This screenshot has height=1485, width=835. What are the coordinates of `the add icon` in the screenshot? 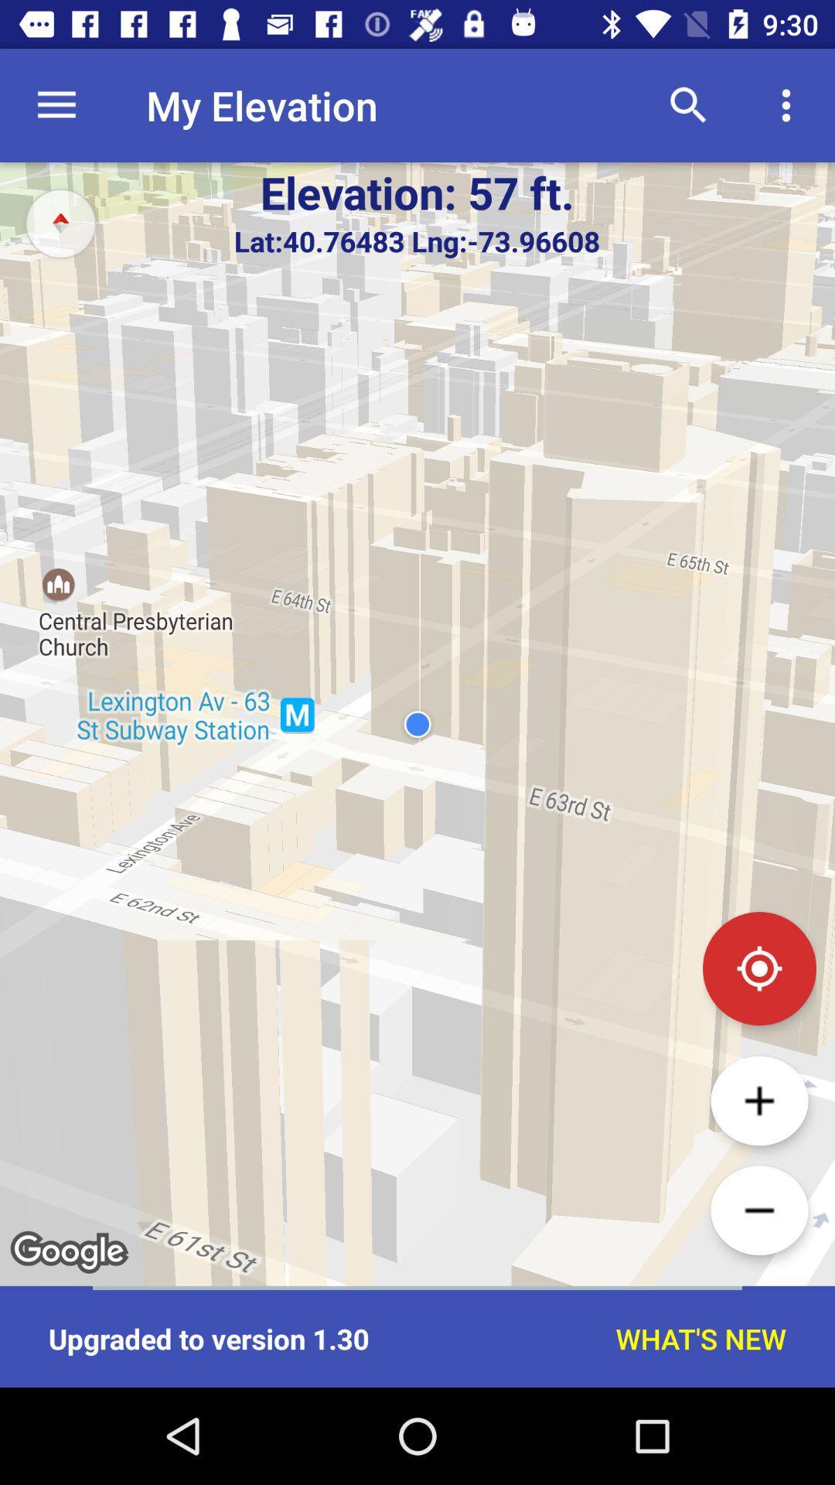 It's located at (758, 1100).